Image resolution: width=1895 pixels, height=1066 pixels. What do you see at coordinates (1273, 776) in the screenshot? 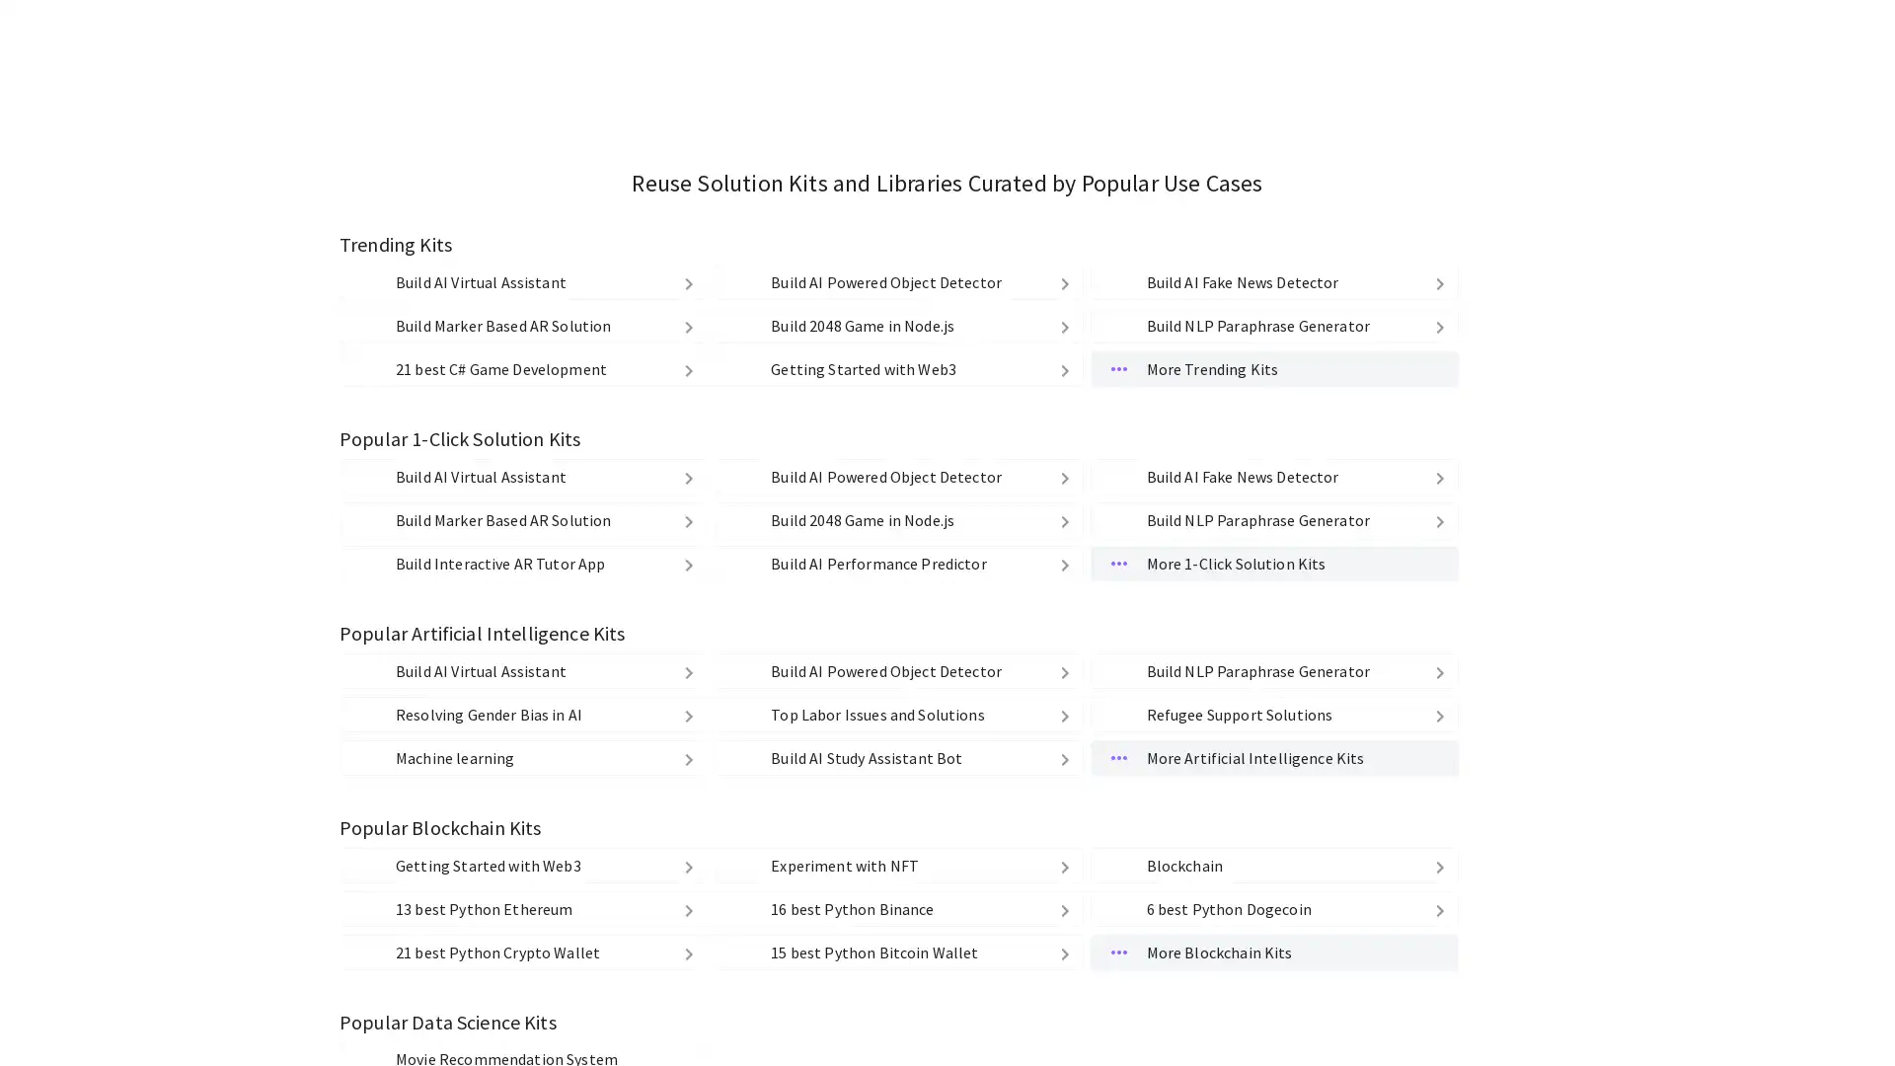
I see `spotting-fake-news Build AI Fake News Detector` at bounding box center [1273, 776].